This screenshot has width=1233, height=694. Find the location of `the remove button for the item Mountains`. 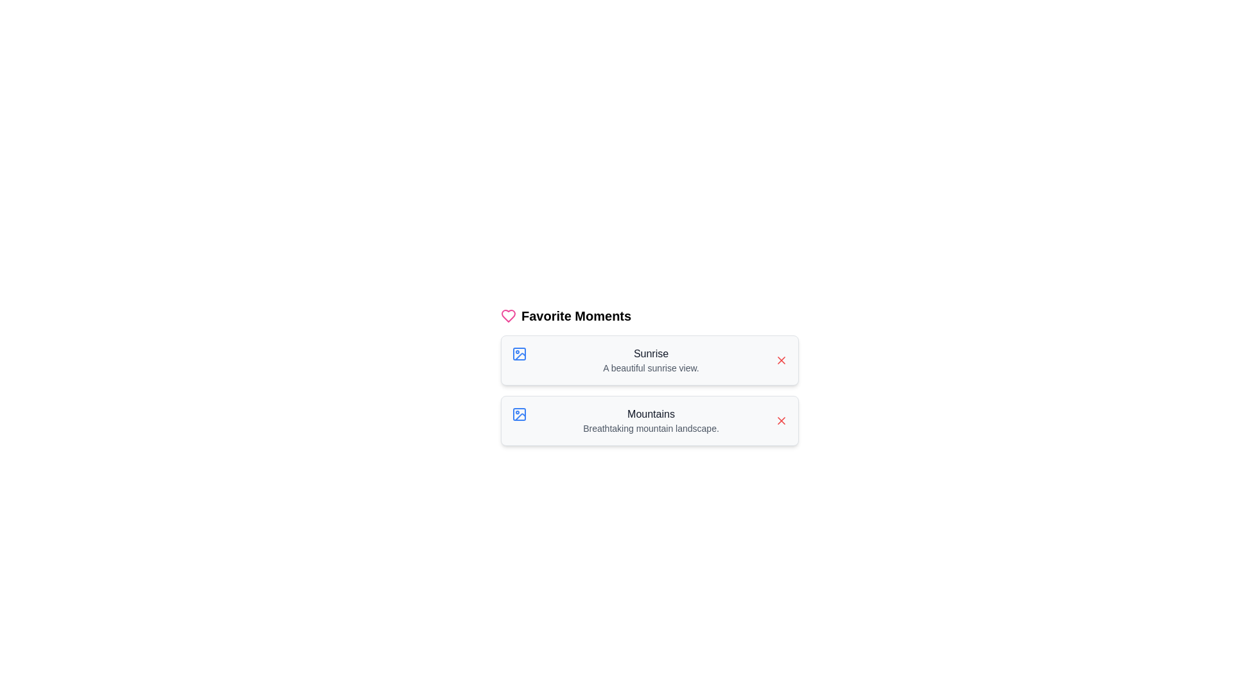

the remove button for the item Mountains is located at coordinates (781, 421).